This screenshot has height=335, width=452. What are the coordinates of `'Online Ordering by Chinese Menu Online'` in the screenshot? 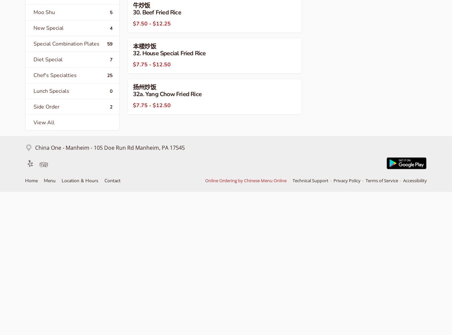 It's located at (205, 181).